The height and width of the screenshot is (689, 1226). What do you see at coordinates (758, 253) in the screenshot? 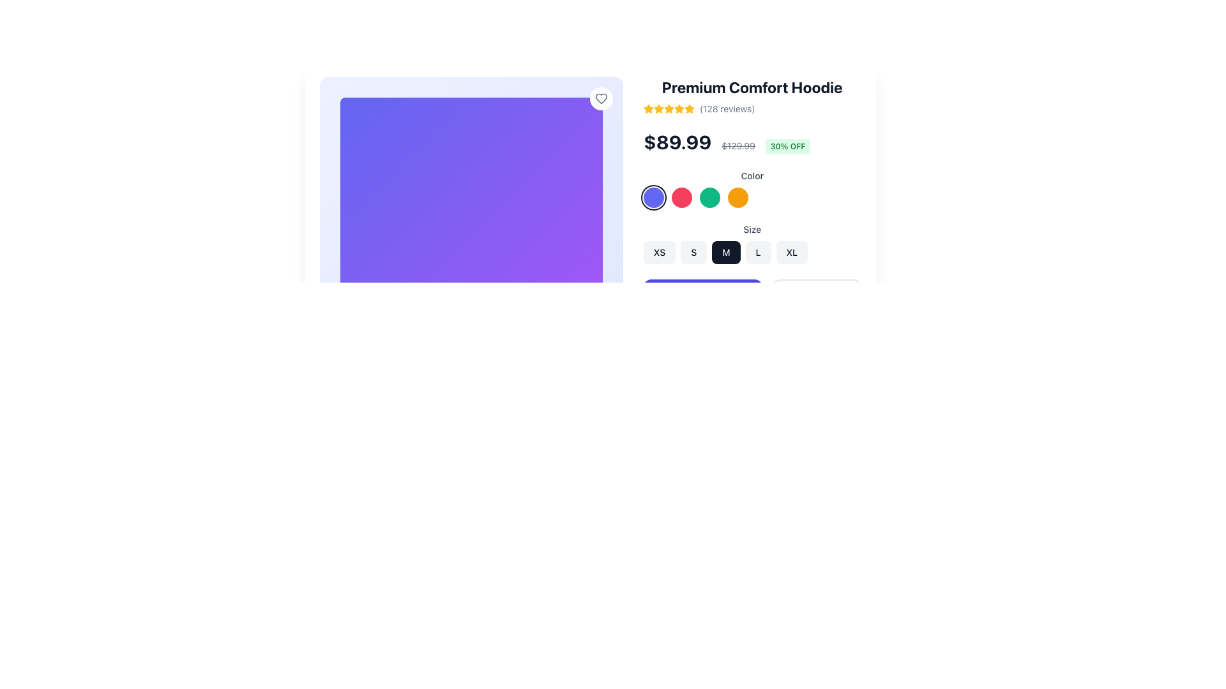
I see `the 'L' size button located in the 'Size' section, which is the fourth option among the size buttons labeled 'XS', 'S', 'M', 'L', and 'XL'` at bounding box center [758, 253].